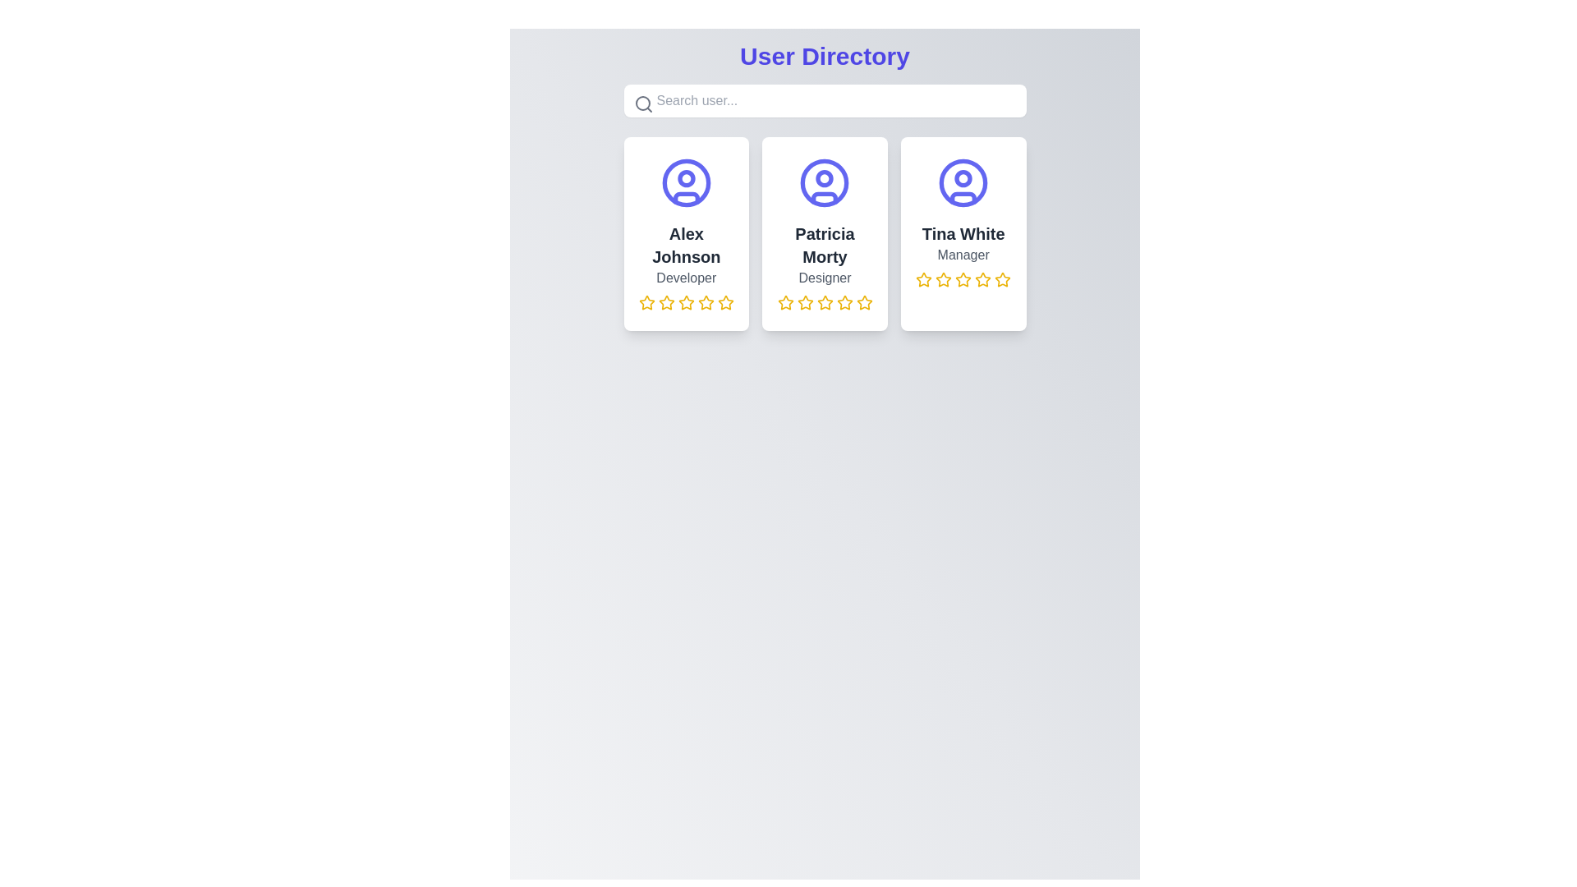  What do you see at coordinates (666, 302) in the screenshot?
I see `the leftmost yellow outlined star icon in the rating system beneath 'Alex Johnson - Developer' to rate it` at bounding box center [666, 302].